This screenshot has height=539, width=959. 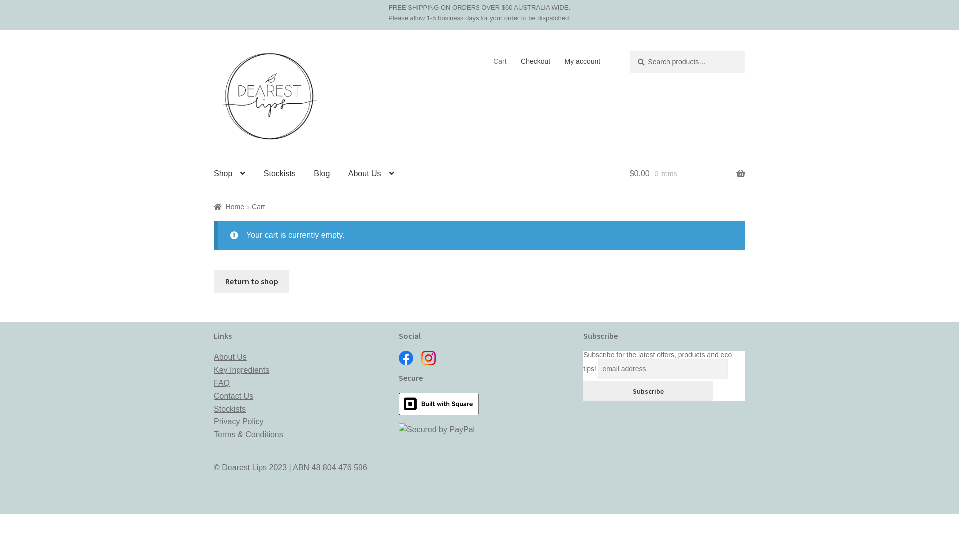 What do you see at coordinates (213, 395) in the screenshot?
I see `'Contact Us'` at bounding box center [213, 395].